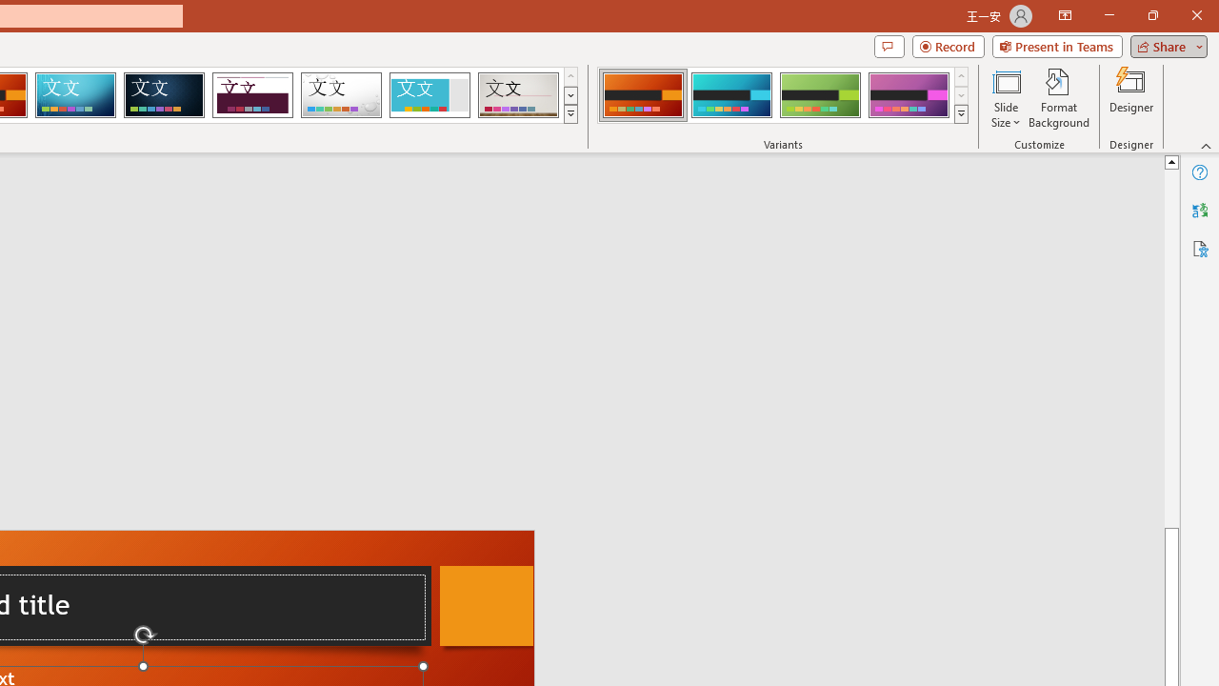 Image resolution: width=1219 pixels, height=686 pixels. I want to click on 'Frame', so click(429, 95).